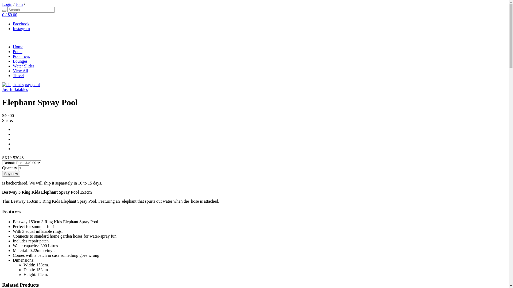 Image resolution: width=513 pixels, height=288 pixels. Describe the element at coordinates (9, 14) in the screenshot. I see `'0 / $0.00'` at that location.